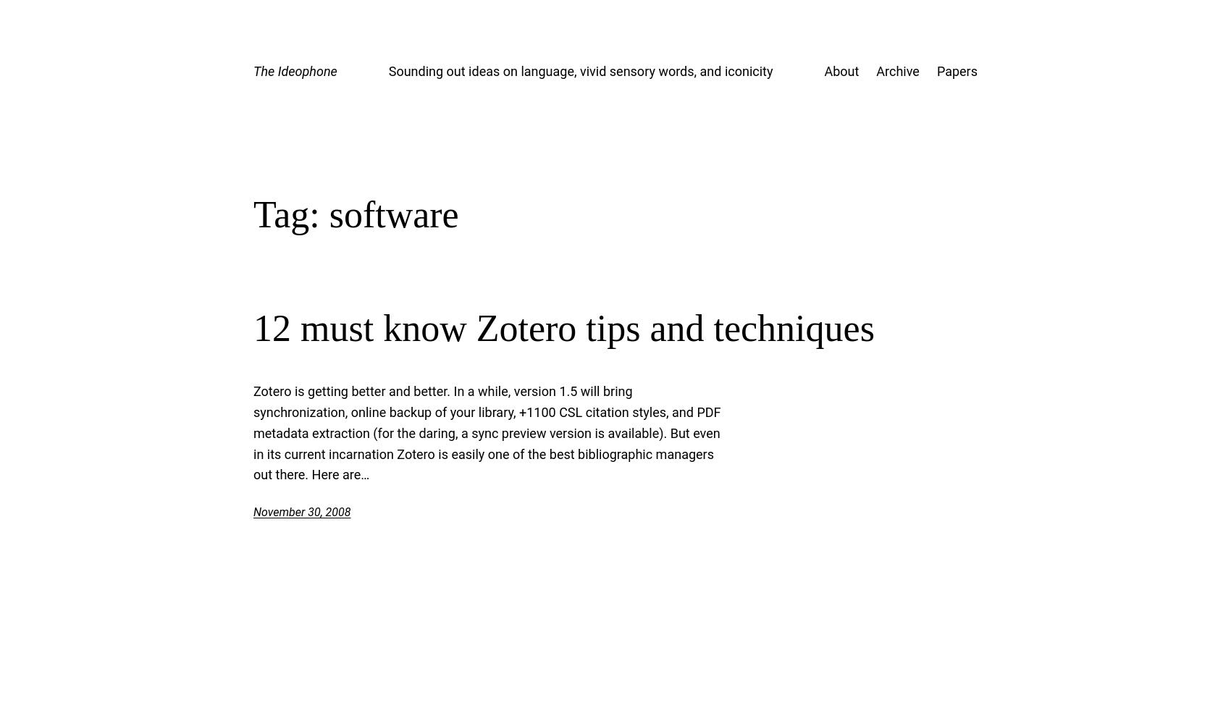 This screenshot has height=724, width=1231. What do you see at coordinates (294, 70) in the screenshot?
I see `'The Ideophone'` at bounding box center [294, 70].